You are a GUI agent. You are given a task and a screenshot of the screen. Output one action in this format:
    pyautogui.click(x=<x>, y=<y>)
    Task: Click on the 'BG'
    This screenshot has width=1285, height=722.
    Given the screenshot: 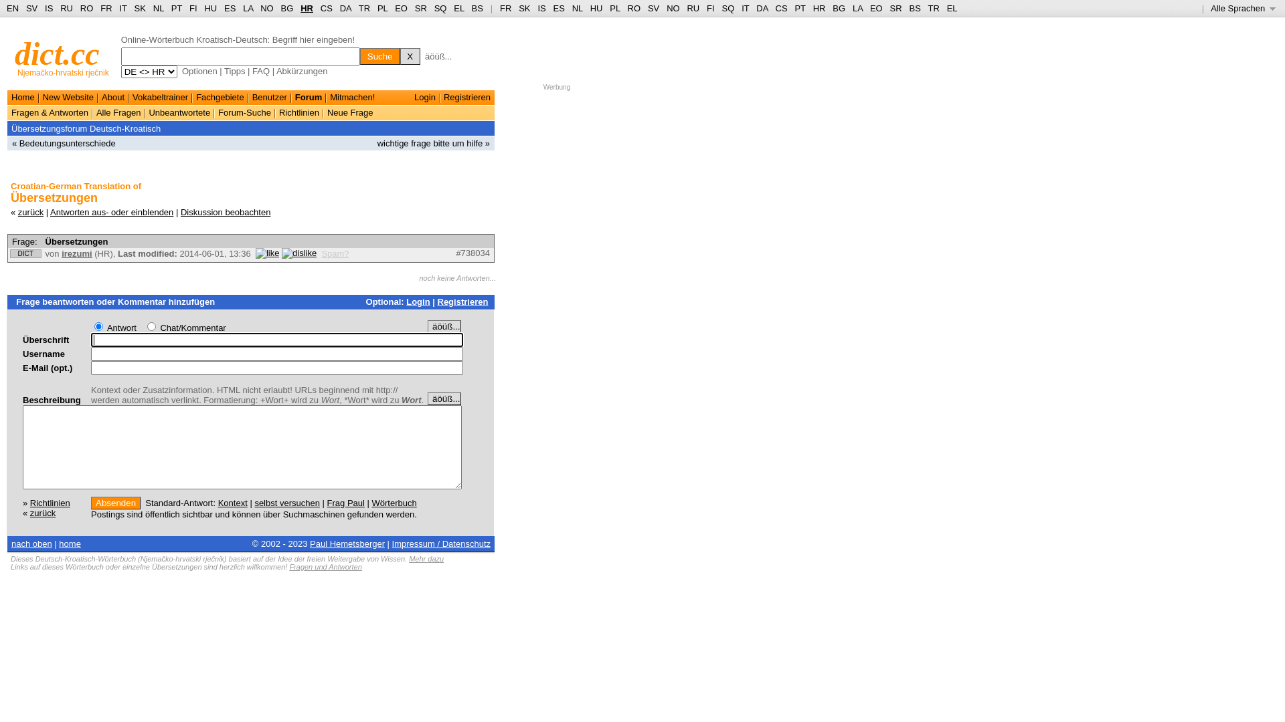 What is the action you would take?
    pyautogui.click(x=286, y=8)
    